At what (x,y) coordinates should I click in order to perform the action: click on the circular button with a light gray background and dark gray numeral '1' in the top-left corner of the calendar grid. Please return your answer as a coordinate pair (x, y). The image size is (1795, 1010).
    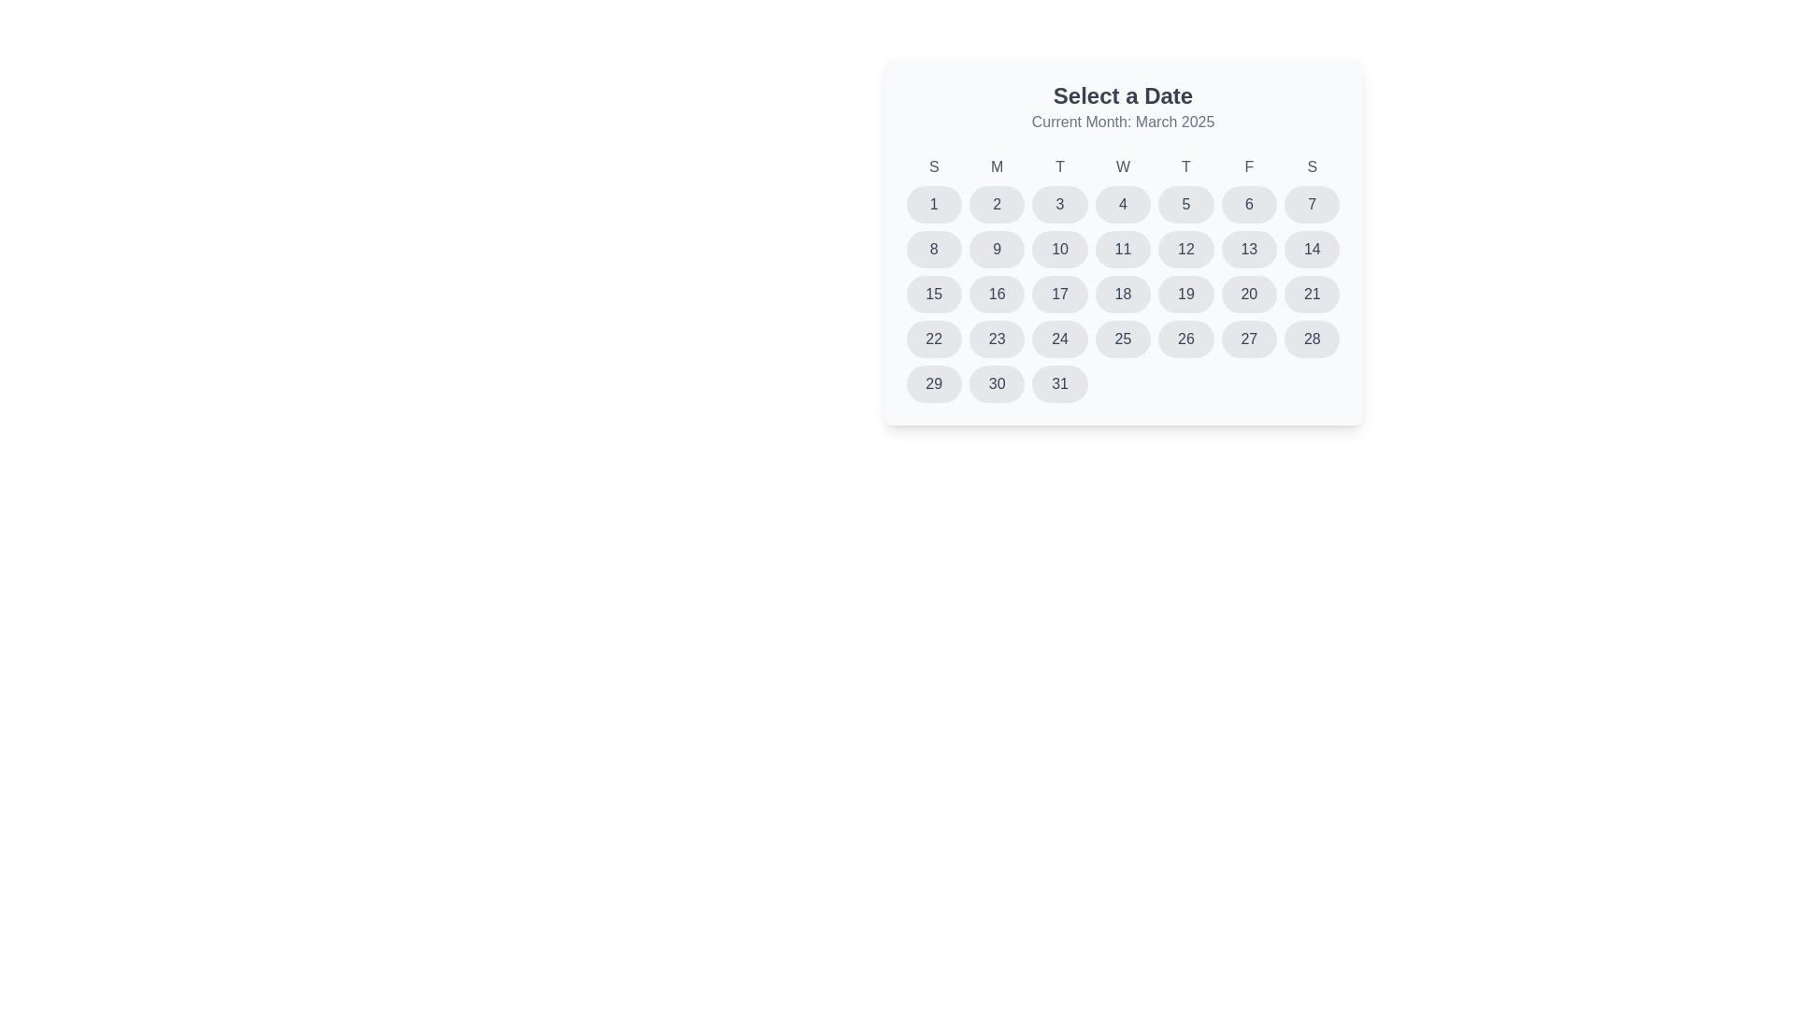
    Looking at the image, I should click on (934, 205).